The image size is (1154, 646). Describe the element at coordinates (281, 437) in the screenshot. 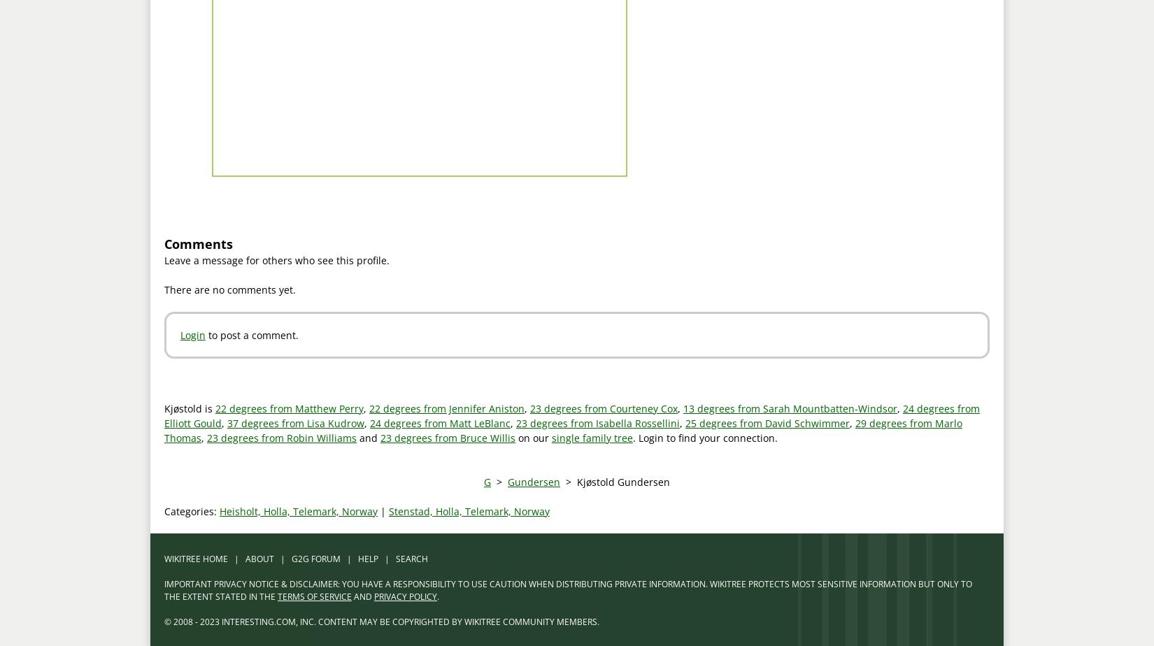

I see `'23 degrees from Robin Williams'` at that location.